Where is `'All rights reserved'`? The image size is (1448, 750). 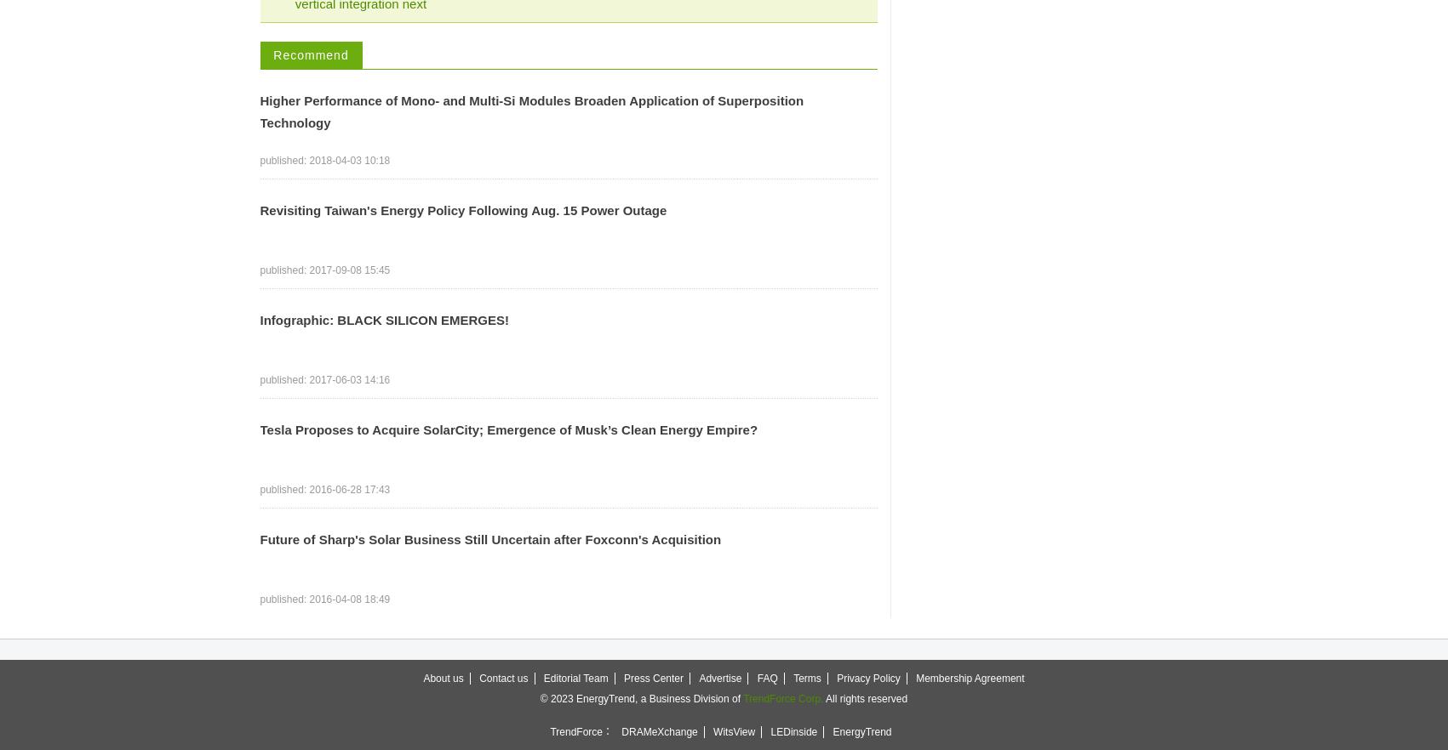 'All rights reserved' is located at coordinates (865, 699).